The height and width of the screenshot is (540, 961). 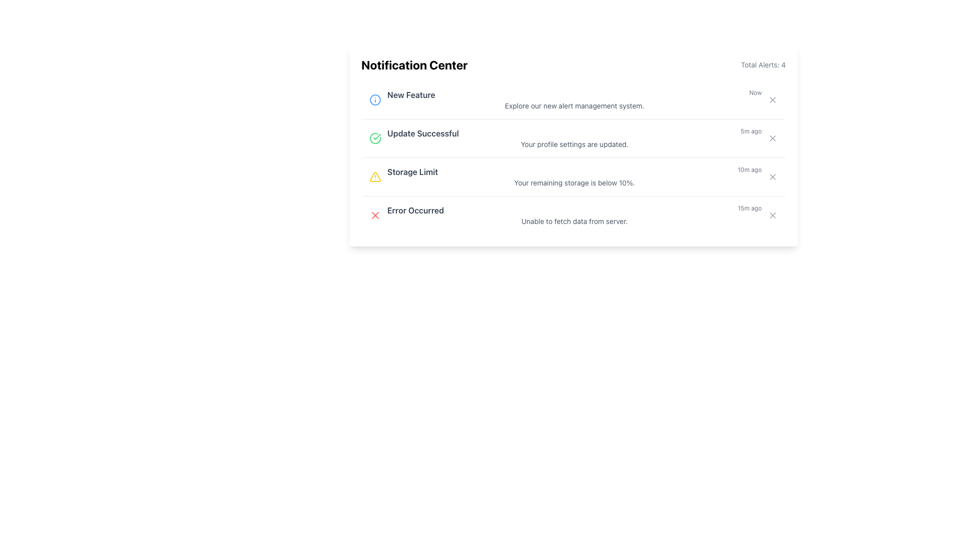 What do you see at coordinates (374, 176) in the screenshot?
I see `the yellow triangular warning icon with an exclamation mark, located to the immediate left of the 'Storage Limit' text in the third notification item of the Notification Center` at bounding box center [374, 176].